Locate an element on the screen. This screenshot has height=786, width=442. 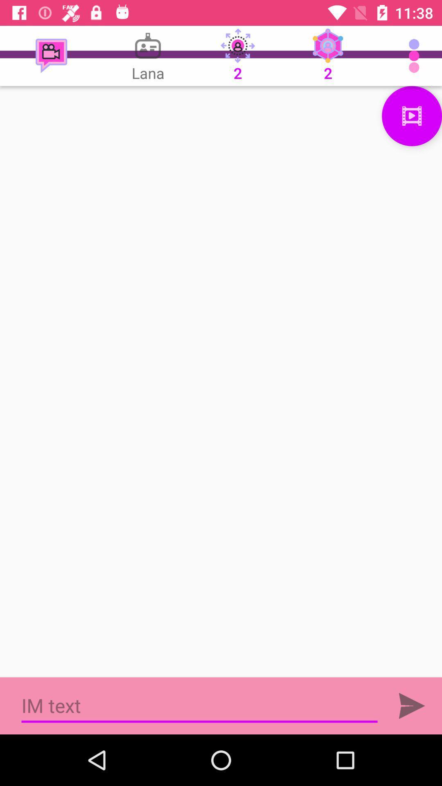
see video is located at coordinates (412, 115).